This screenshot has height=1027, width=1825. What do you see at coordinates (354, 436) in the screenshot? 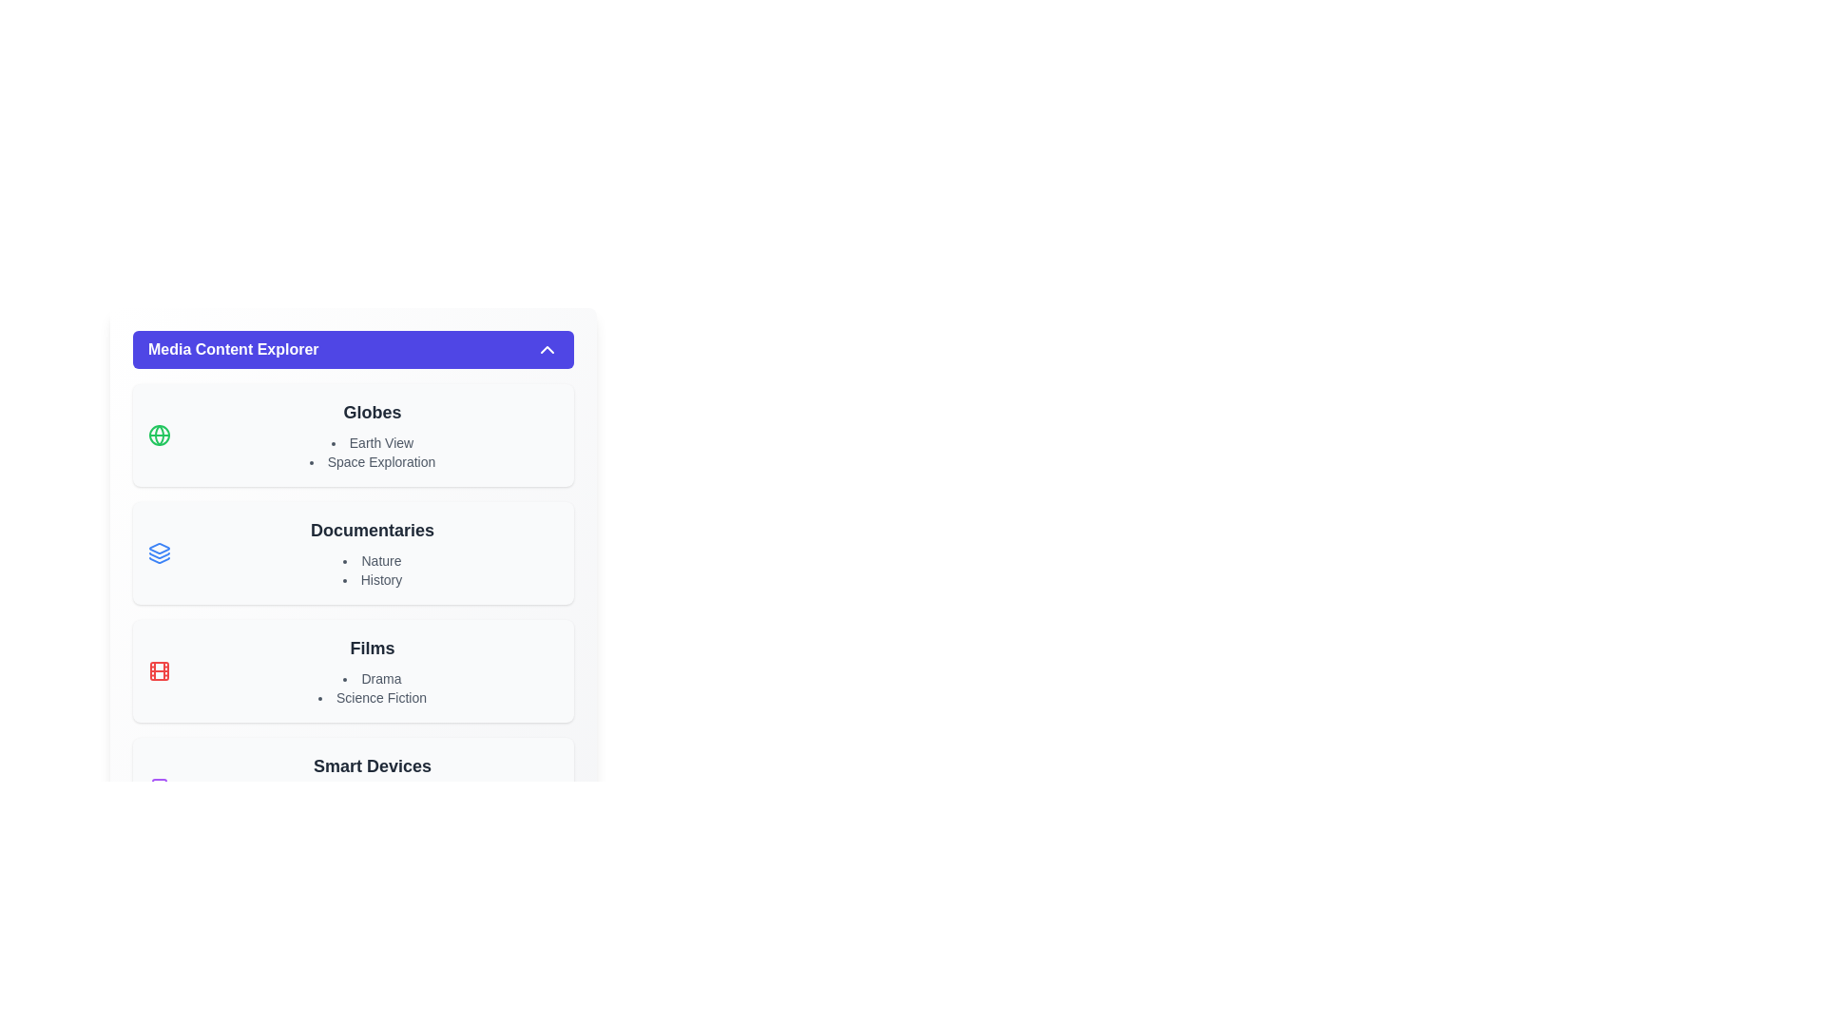
I see `to select the 'Globes' category in the Media Content Explorer section, which is the topmost highlighted category aligned with other sections like 'Documentaries' and 'Films.'` at bounding box center [354, 436].